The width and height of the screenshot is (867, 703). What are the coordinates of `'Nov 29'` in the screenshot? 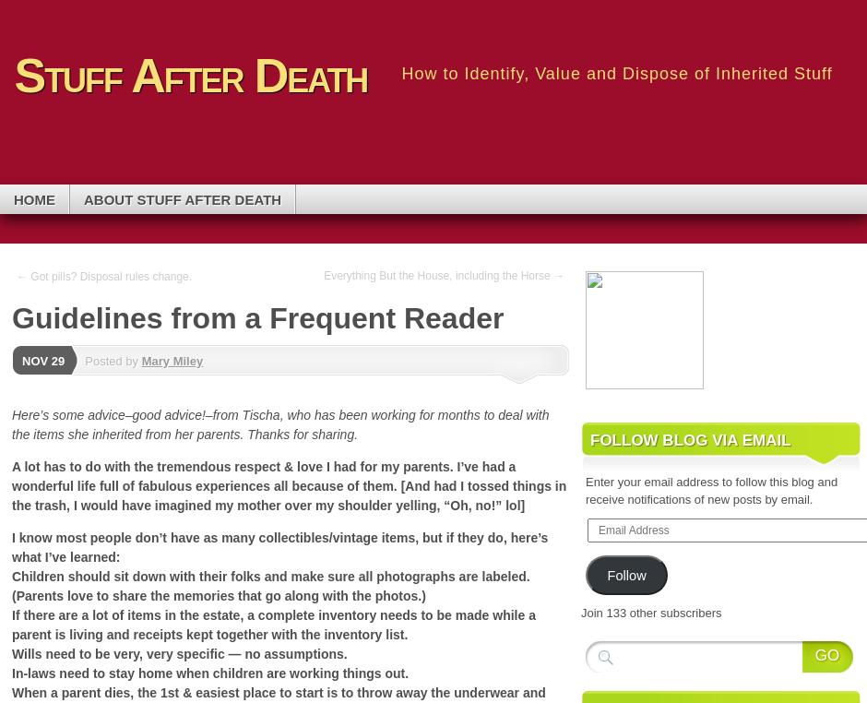 It's located at (42, 359).